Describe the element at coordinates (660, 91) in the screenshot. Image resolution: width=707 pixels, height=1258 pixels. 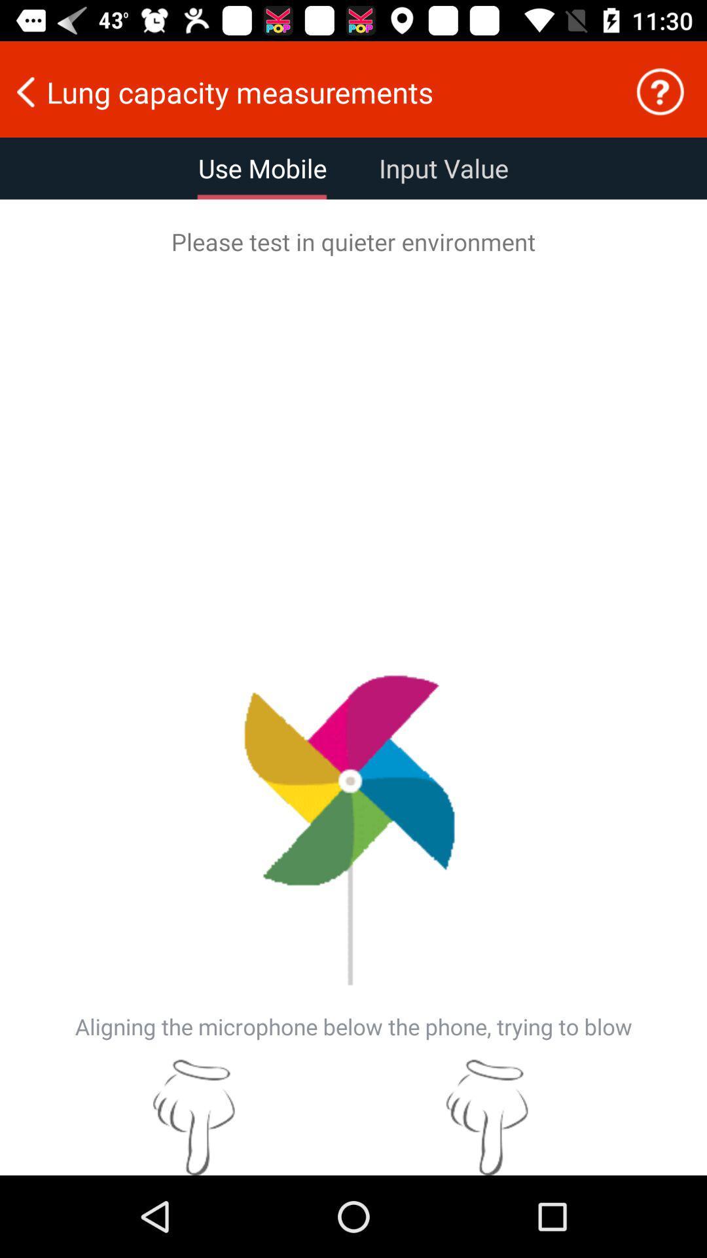
I see `icon above please test in icon` at that location.